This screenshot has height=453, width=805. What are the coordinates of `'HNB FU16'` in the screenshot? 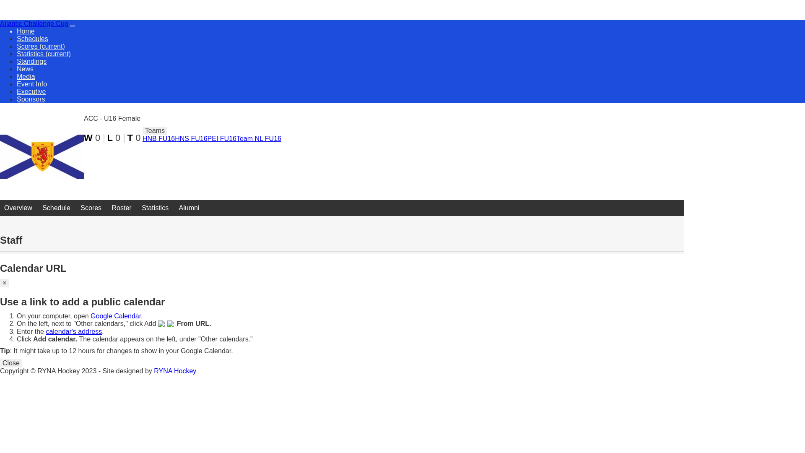 It's located at (158, 138).